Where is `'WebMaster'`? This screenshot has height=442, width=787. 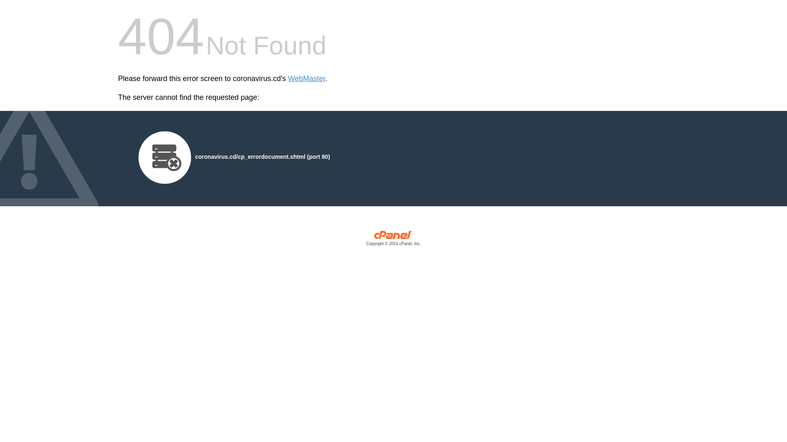
'WebMaster' is located at coordinates (306, 79).